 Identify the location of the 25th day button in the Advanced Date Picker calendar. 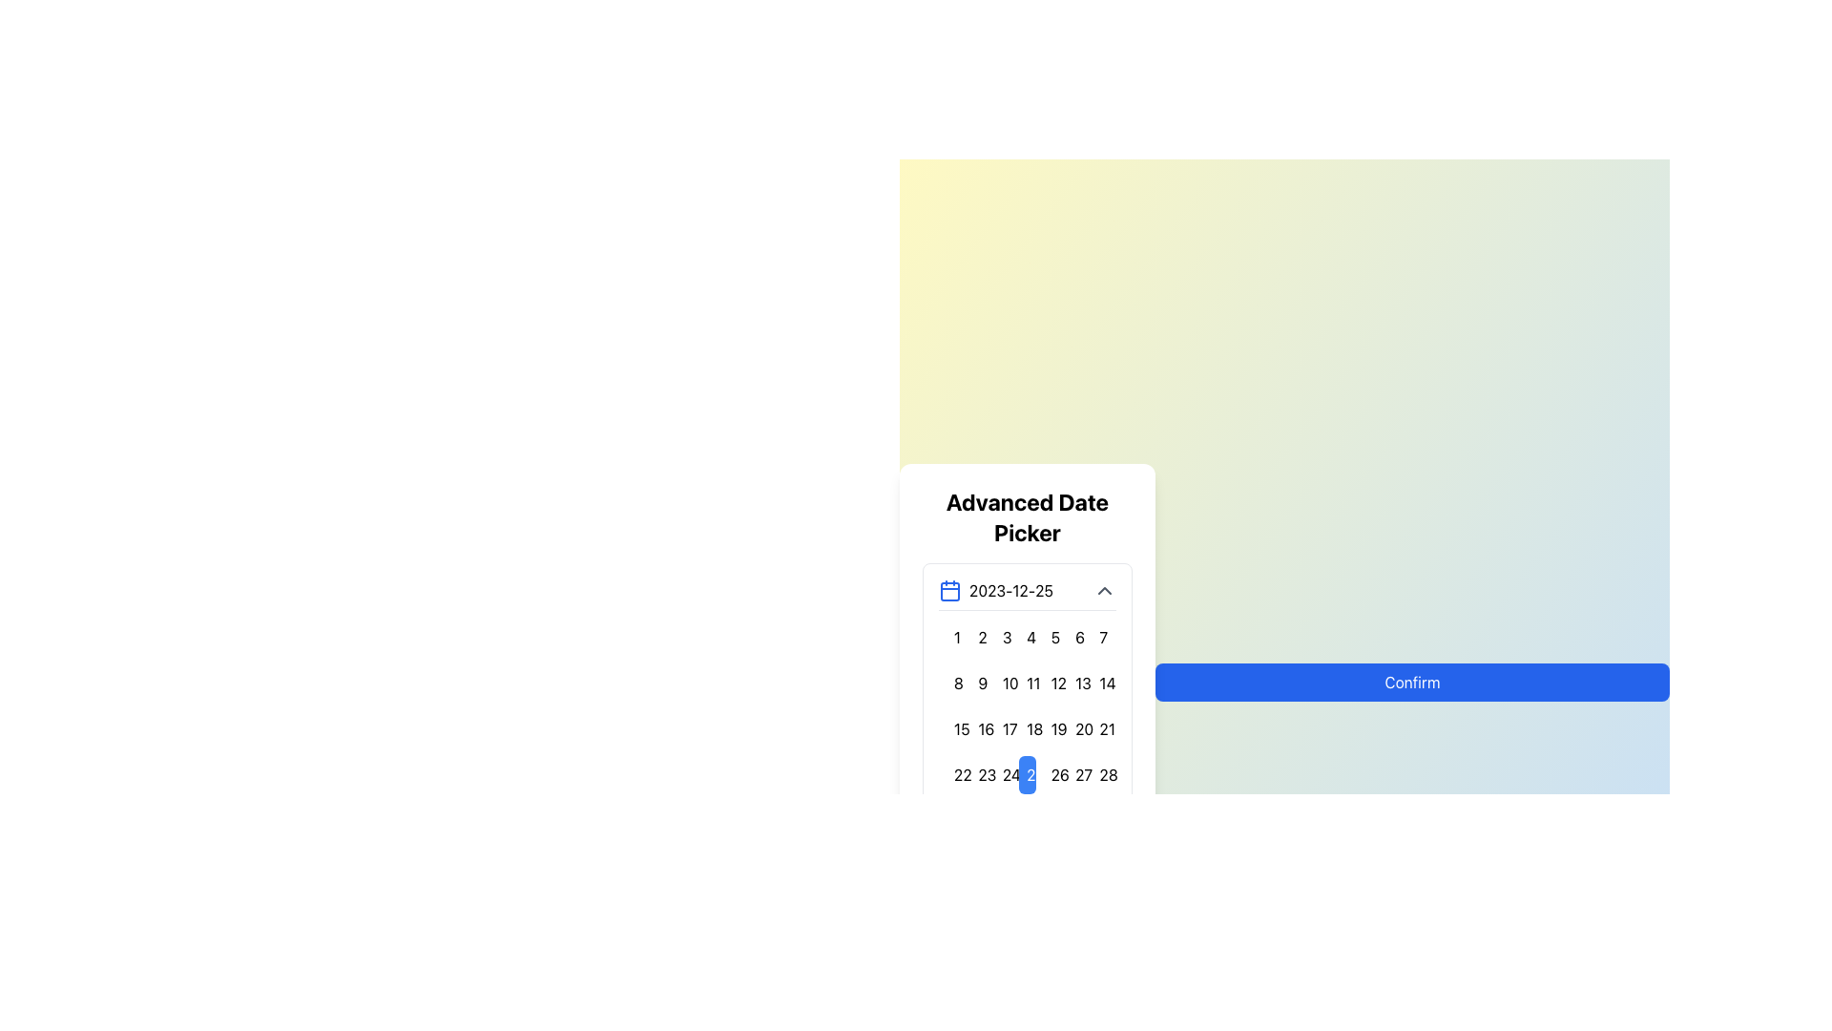
(1026, 774).